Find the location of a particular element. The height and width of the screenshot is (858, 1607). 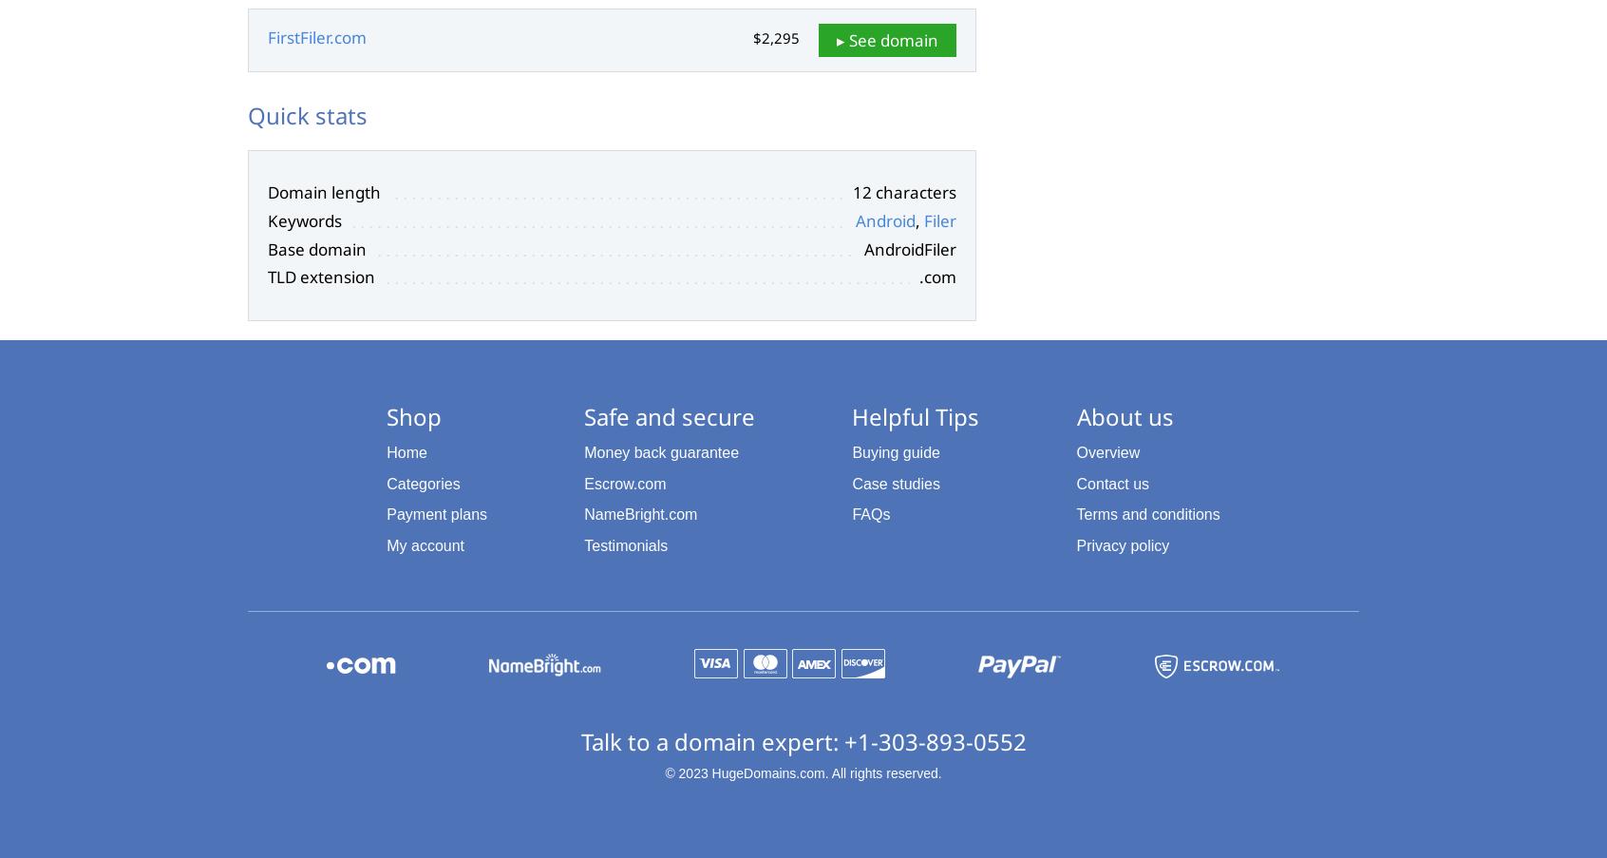

'Base domain' is located at coordinates (316, 247).